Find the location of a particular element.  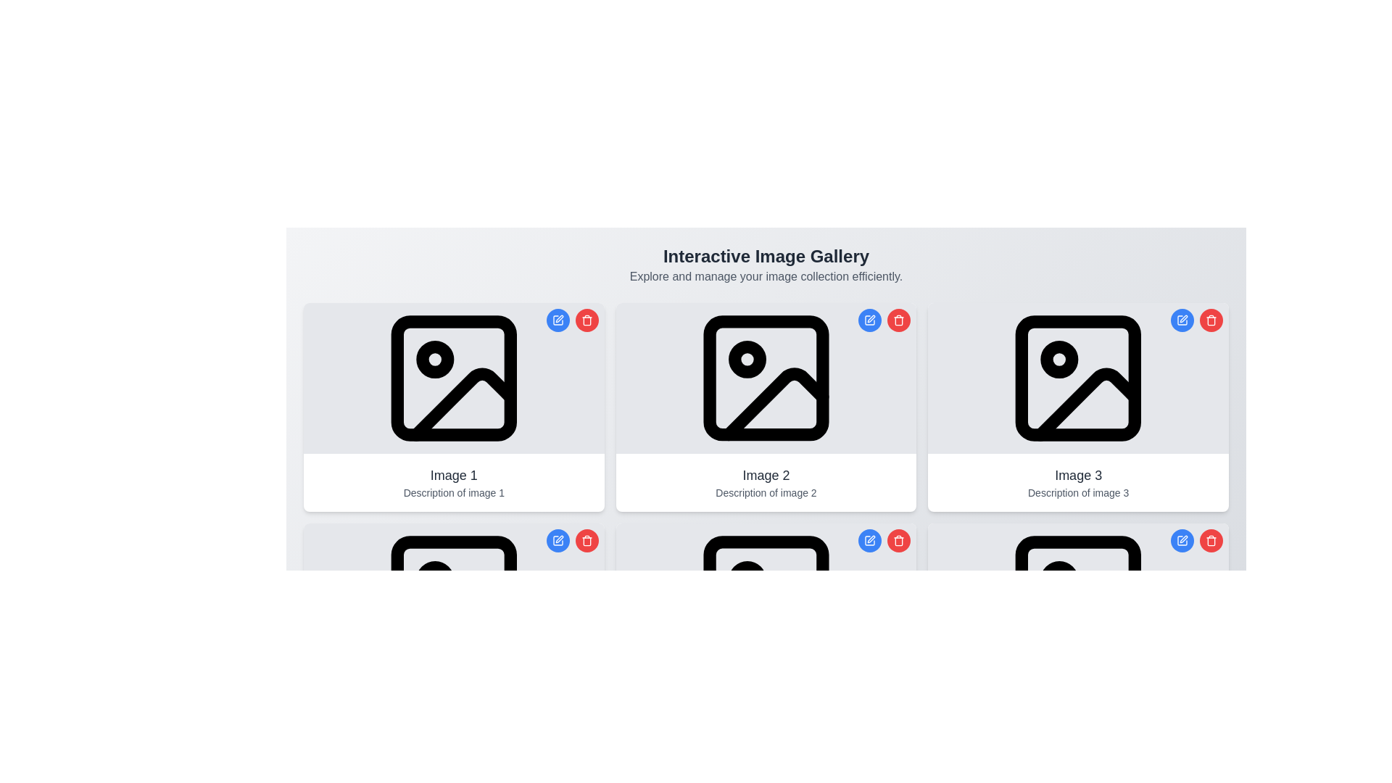

the Text description area displaying 'Image 2' and 'Description of image 2' to interact with additional features is located at coordinates (765, 483).